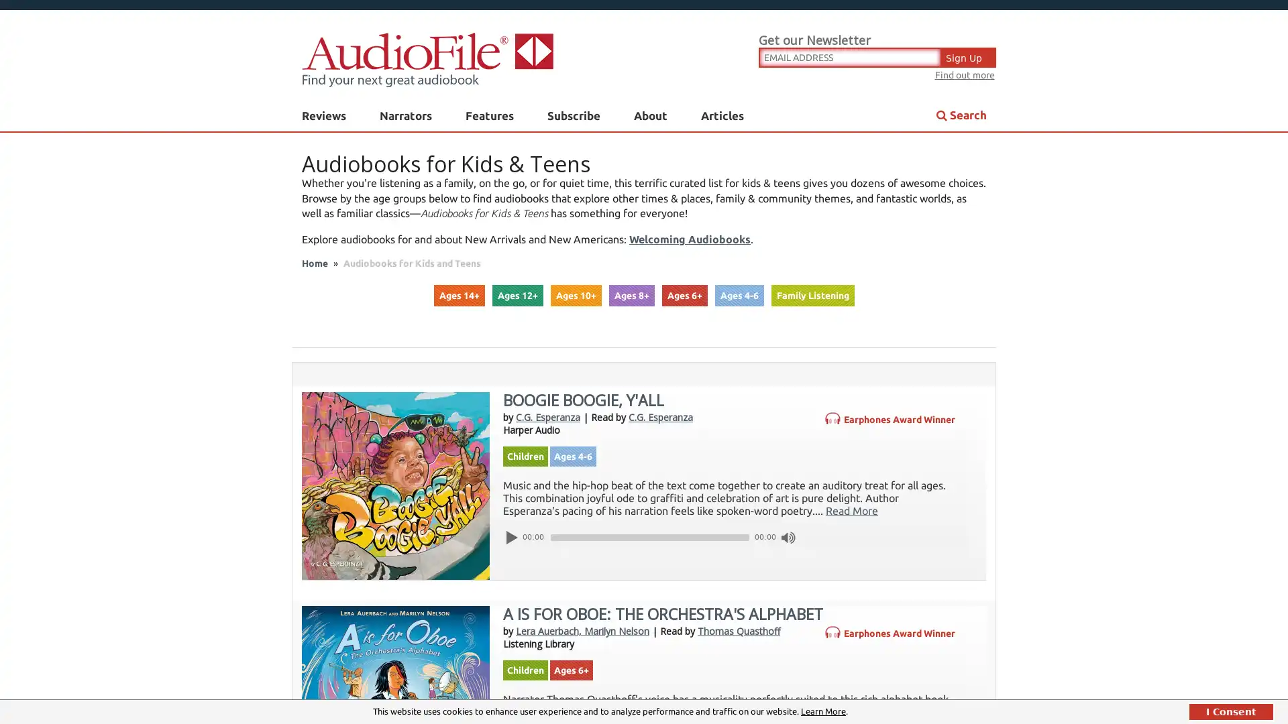  Describe the element at coordinates (1231, 711) in the screenshot. I see `I Consent` at that location.